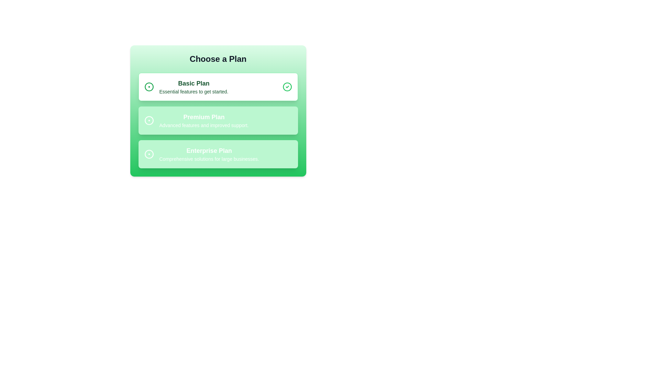 The height and width of the screenshot is (371, 660). I want to click on the state of the selectable option indicator represented by the green outlined circle in the SVG graphic, located to the left of the 'Basic Plan' option in the 'Choose a Plan' section, so click(148, 87).